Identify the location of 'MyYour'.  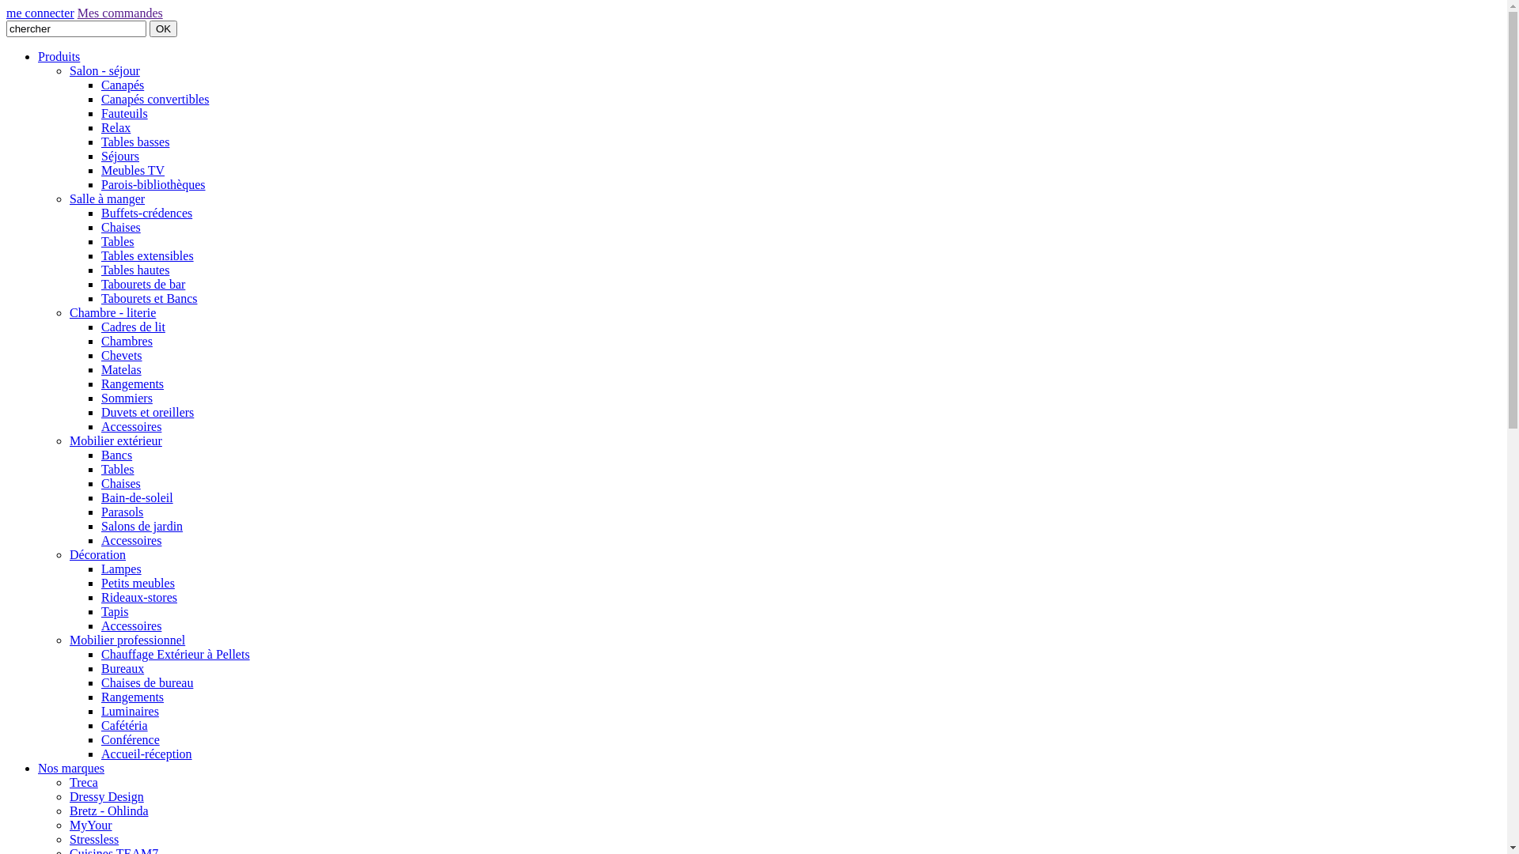
(90, 824).